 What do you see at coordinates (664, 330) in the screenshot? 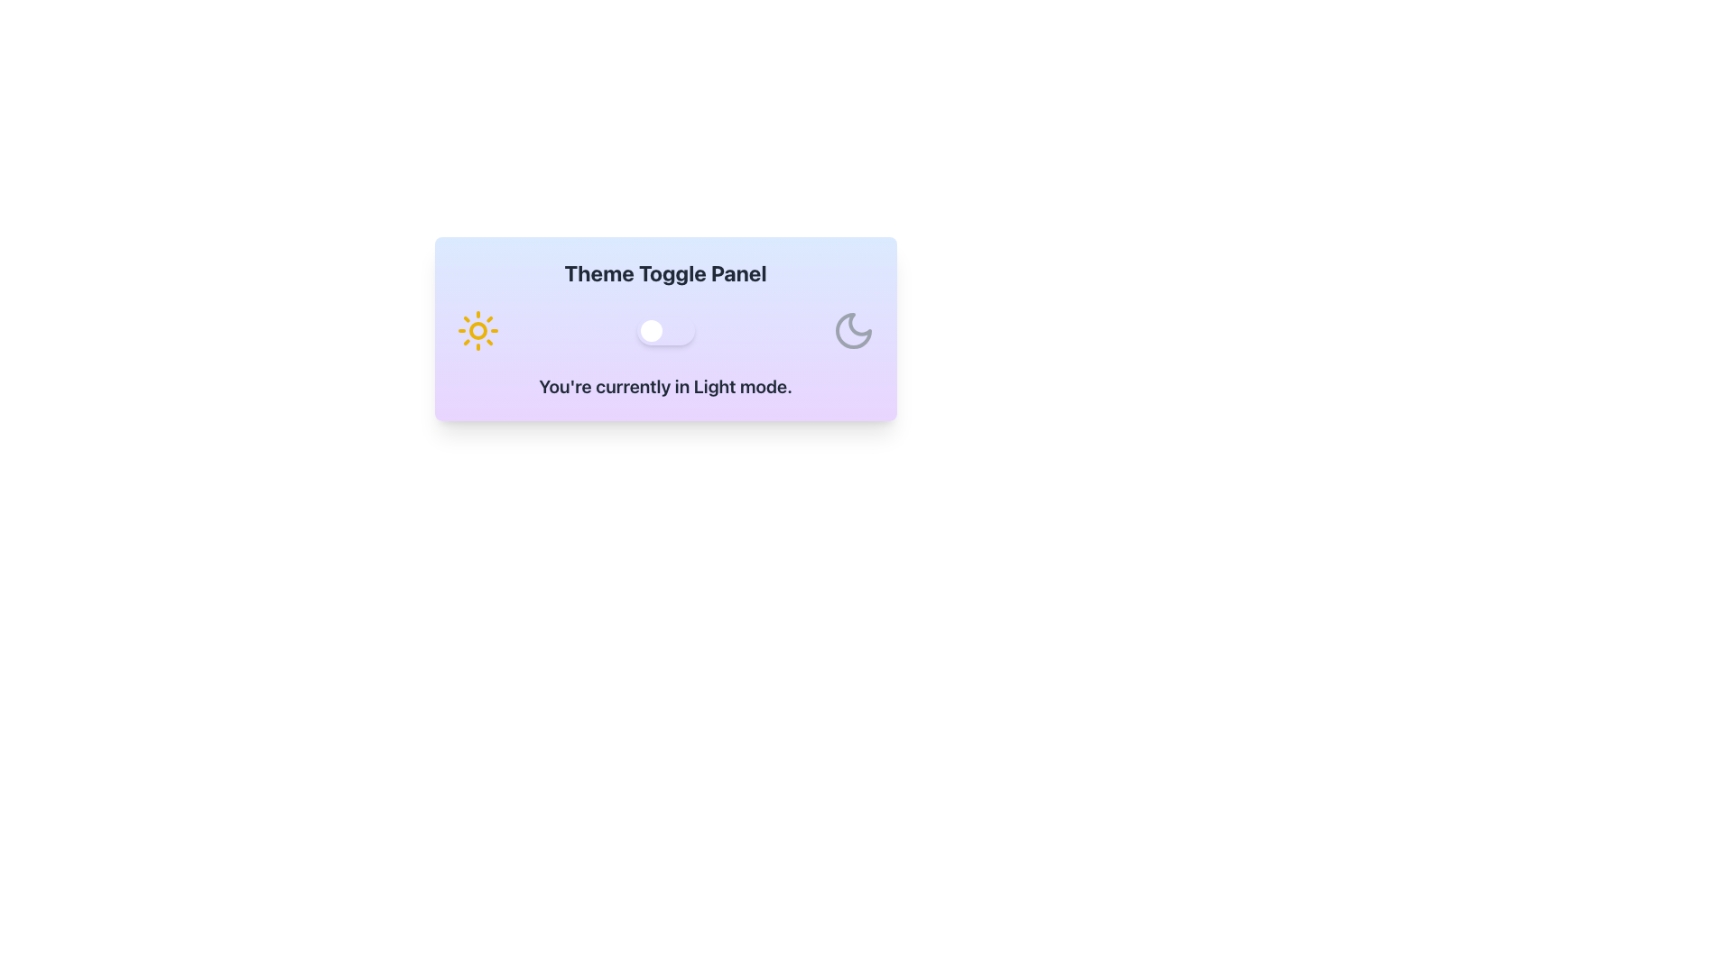
I see `the toggle switch located beneath the title 'Theme Toggle Panel' for potential visual feedback` at bounding box center [664, 330].